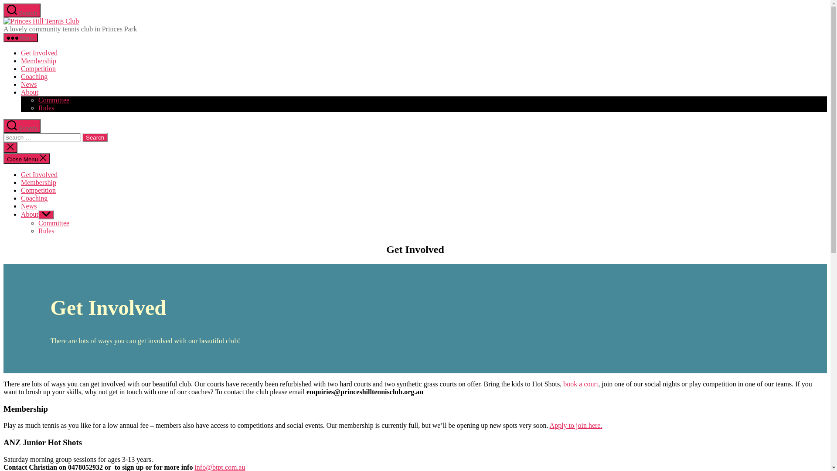  I want to click on 'Membership', so click(38, 182).